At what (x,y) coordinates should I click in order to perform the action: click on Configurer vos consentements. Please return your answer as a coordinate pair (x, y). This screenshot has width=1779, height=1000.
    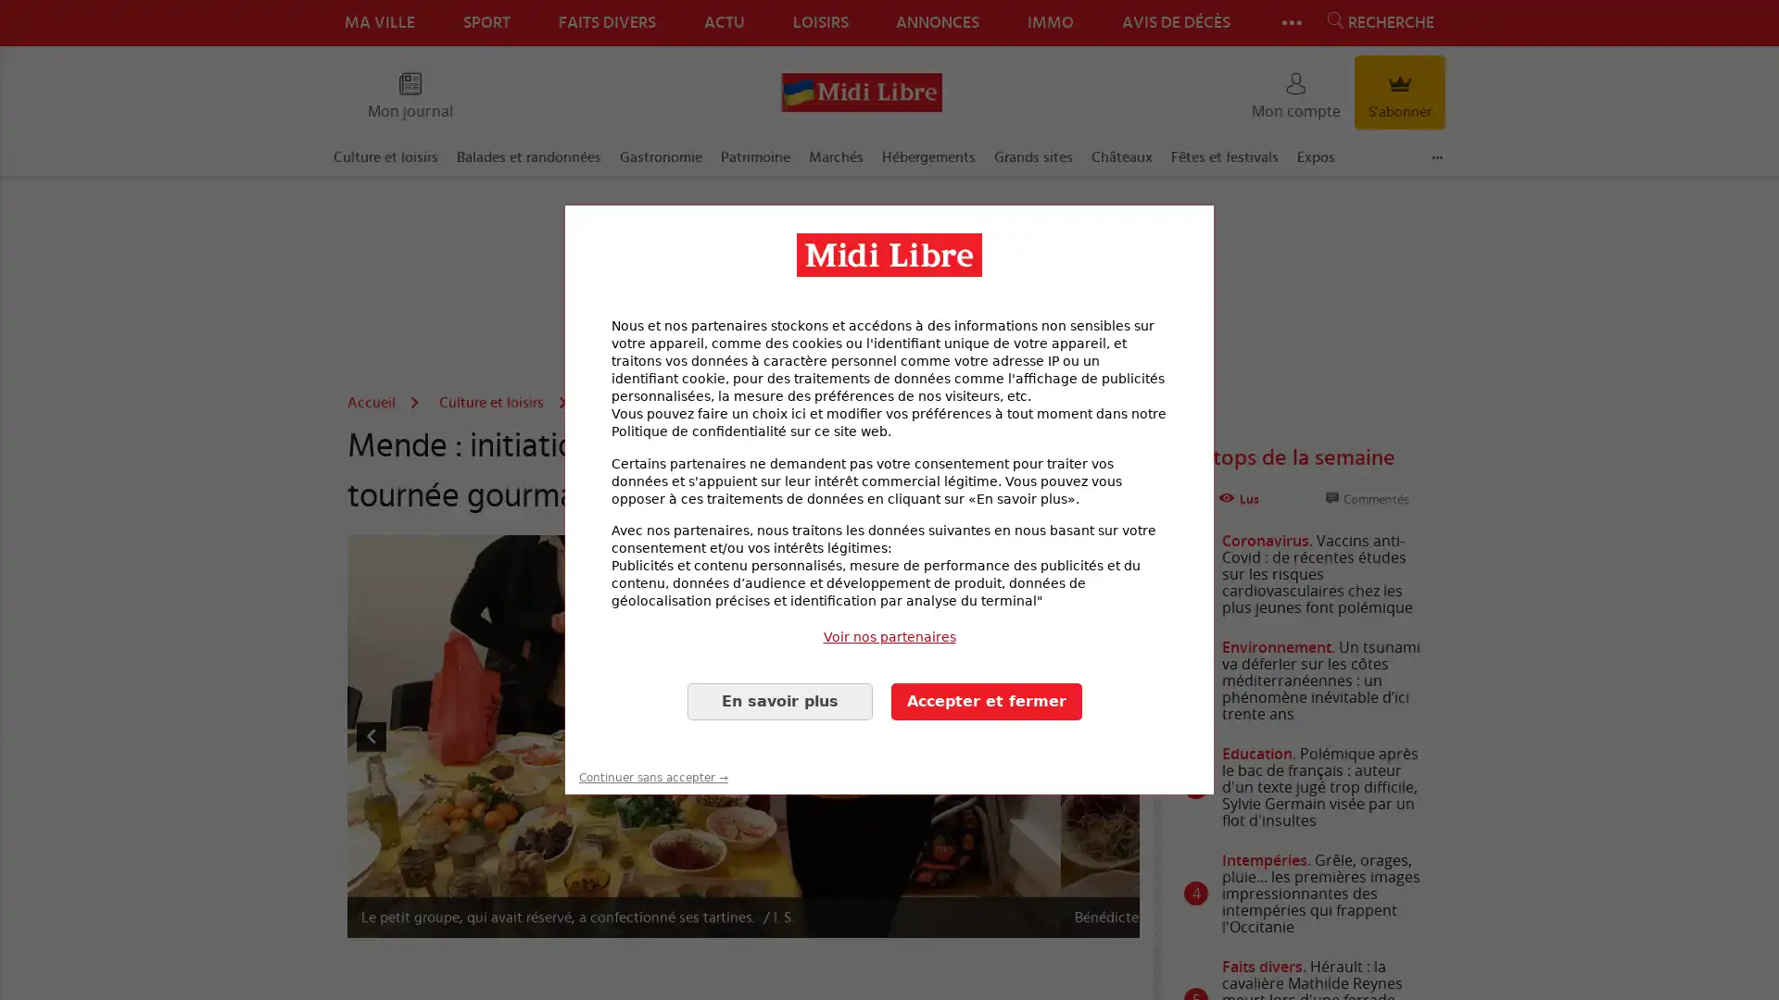
    Looking at the image, I should click on (779, 701).